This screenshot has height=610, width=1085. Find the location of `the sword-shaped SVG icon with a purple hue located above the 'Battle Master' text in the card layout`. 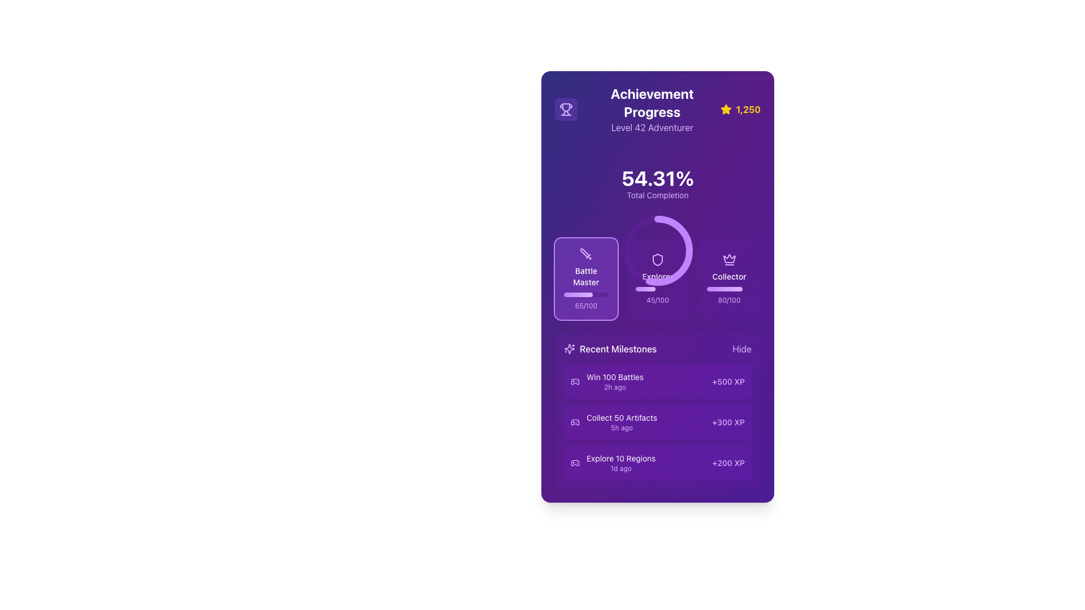

the sword-shaped SVG icon with a purple hue located above the 'Battle Master' text in the card layout is located at coordinates (586, 254).